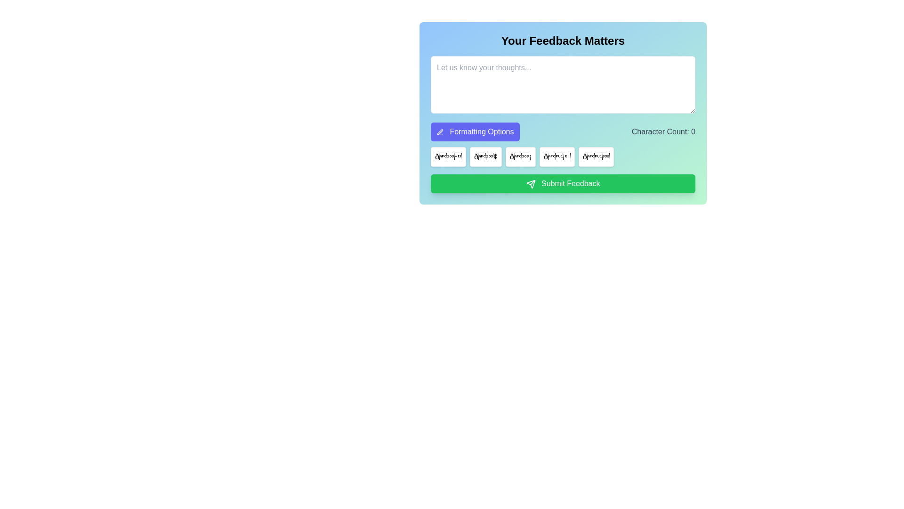  What do you see at coordinates (520, 156) in the screenshot?
I see `the third emoji button in the feedback submission form` at bounding box center [520, 156].